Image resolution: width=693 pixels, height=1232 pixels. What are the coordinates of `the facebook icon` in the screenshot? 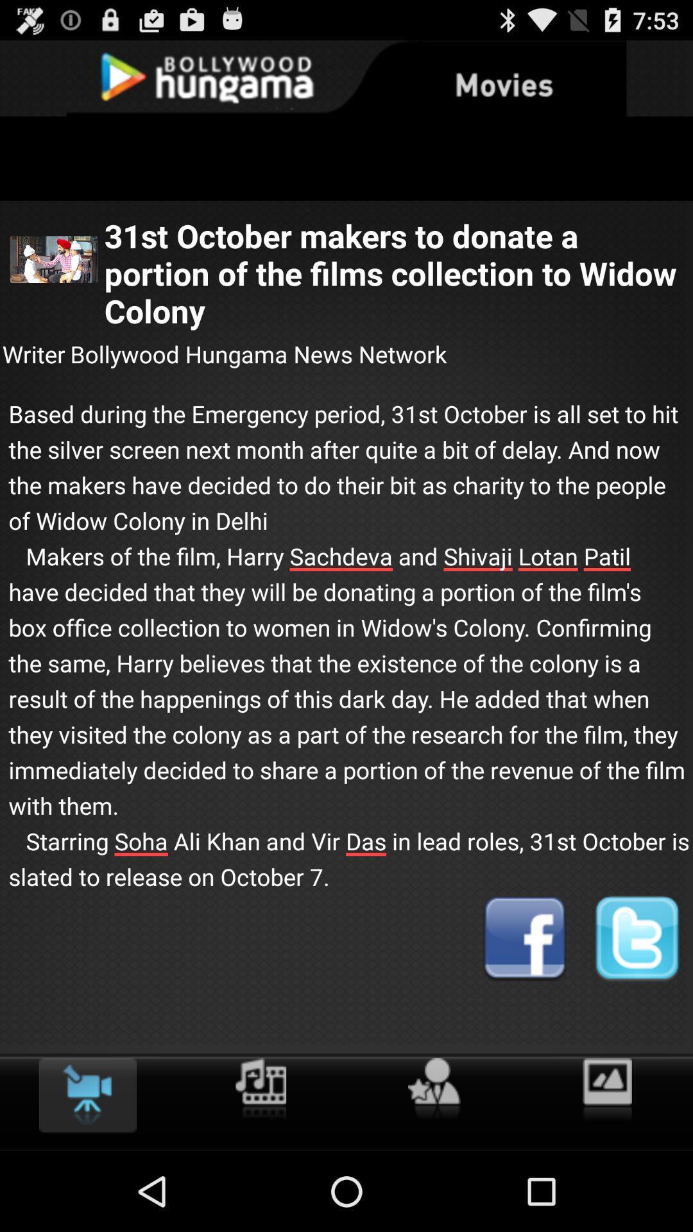 It's located at (526, 1004).